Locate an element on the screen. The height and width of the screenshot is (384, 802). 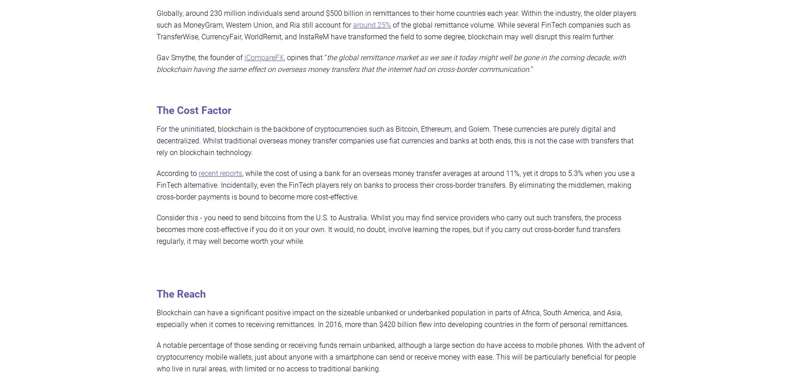
'According to' is located at coordinates (177, 173).